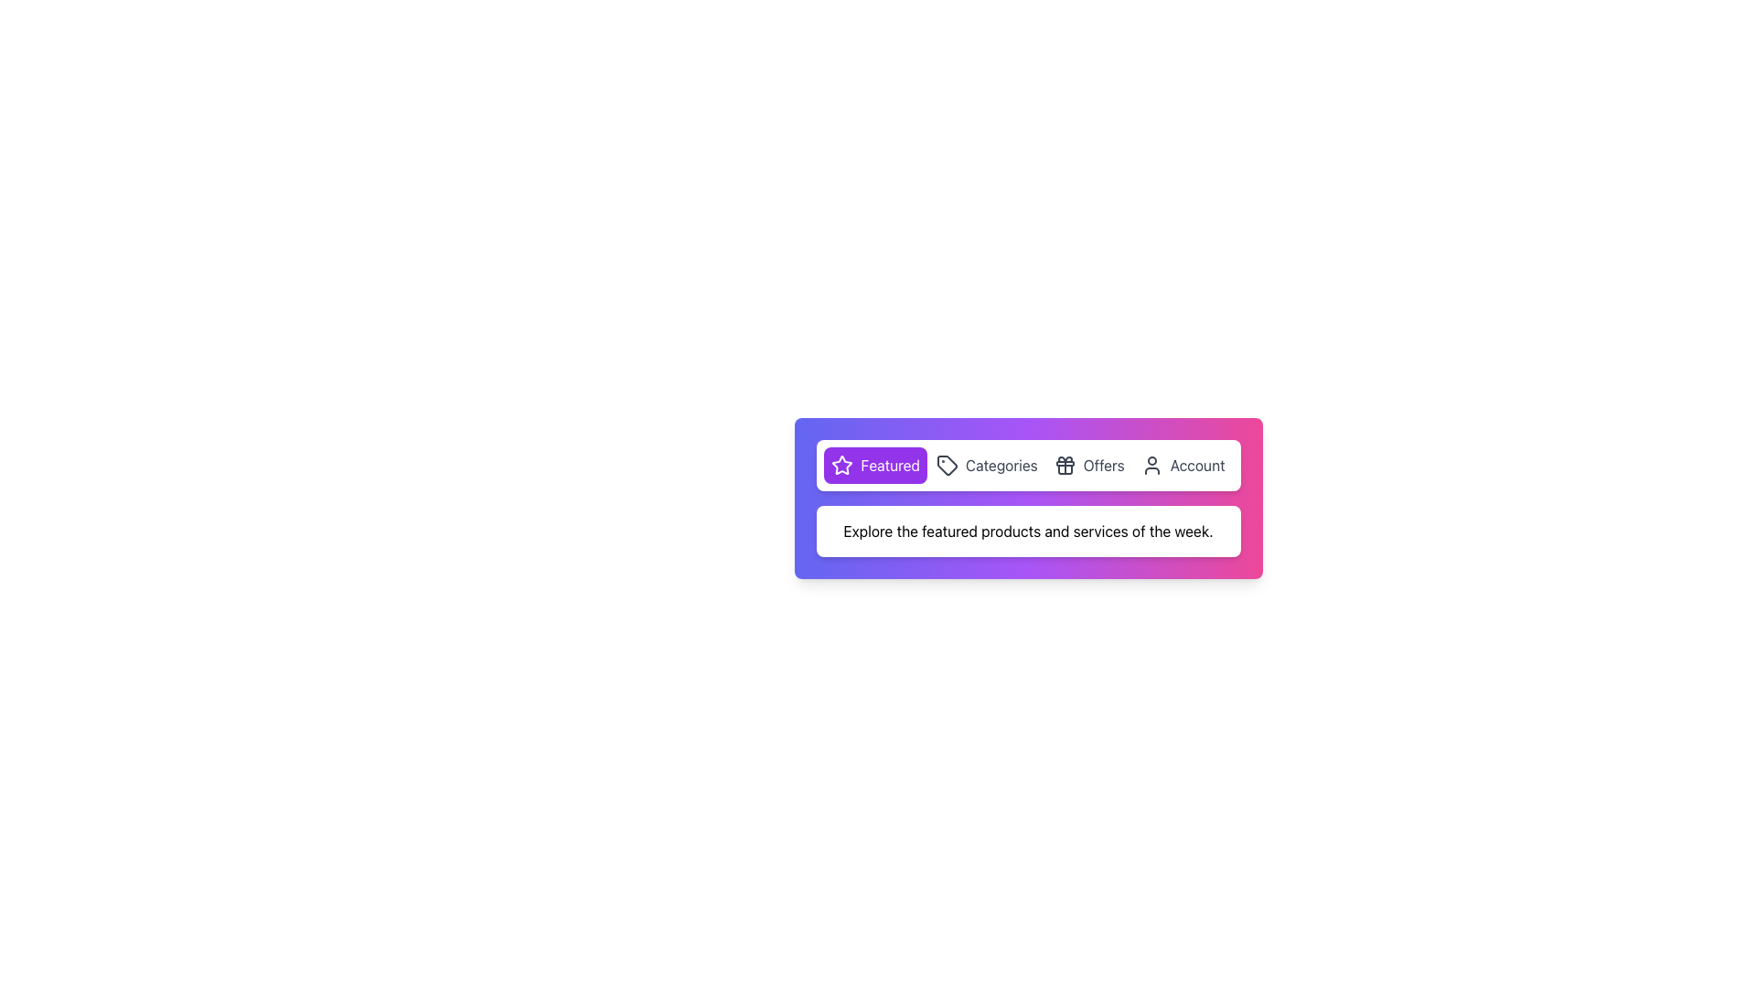 Image resolution: width=1756 pixels, height=988 pixels. What do you see at coordinates (1197, 465) in the screenshot?
I see `the 'Account' text label in the navigation bar` at bounding box center [1197, 465].